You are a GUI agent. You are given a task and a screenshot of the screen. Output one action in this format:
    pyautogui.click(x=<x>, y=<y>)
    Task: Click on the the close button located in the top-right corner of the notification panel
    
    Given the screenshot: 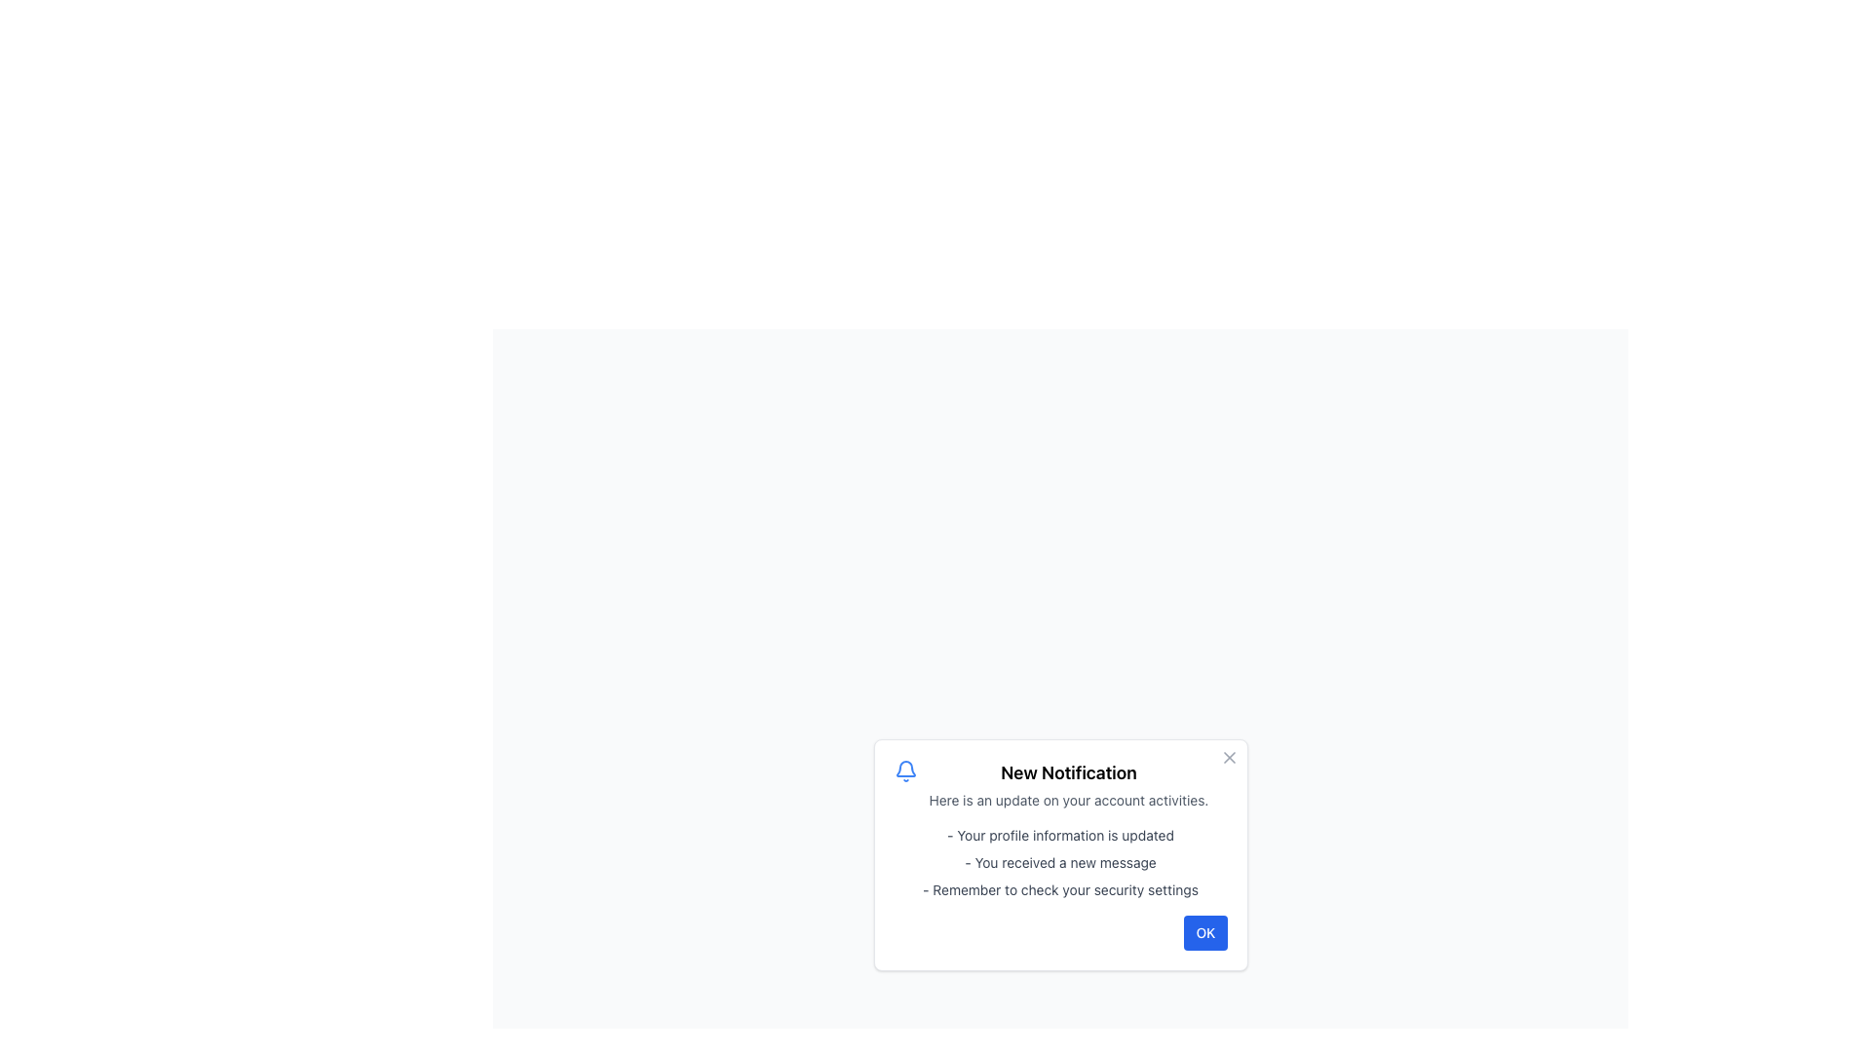 What is the action you would take?
    pyautogui.click(x=1228, y=757)
    